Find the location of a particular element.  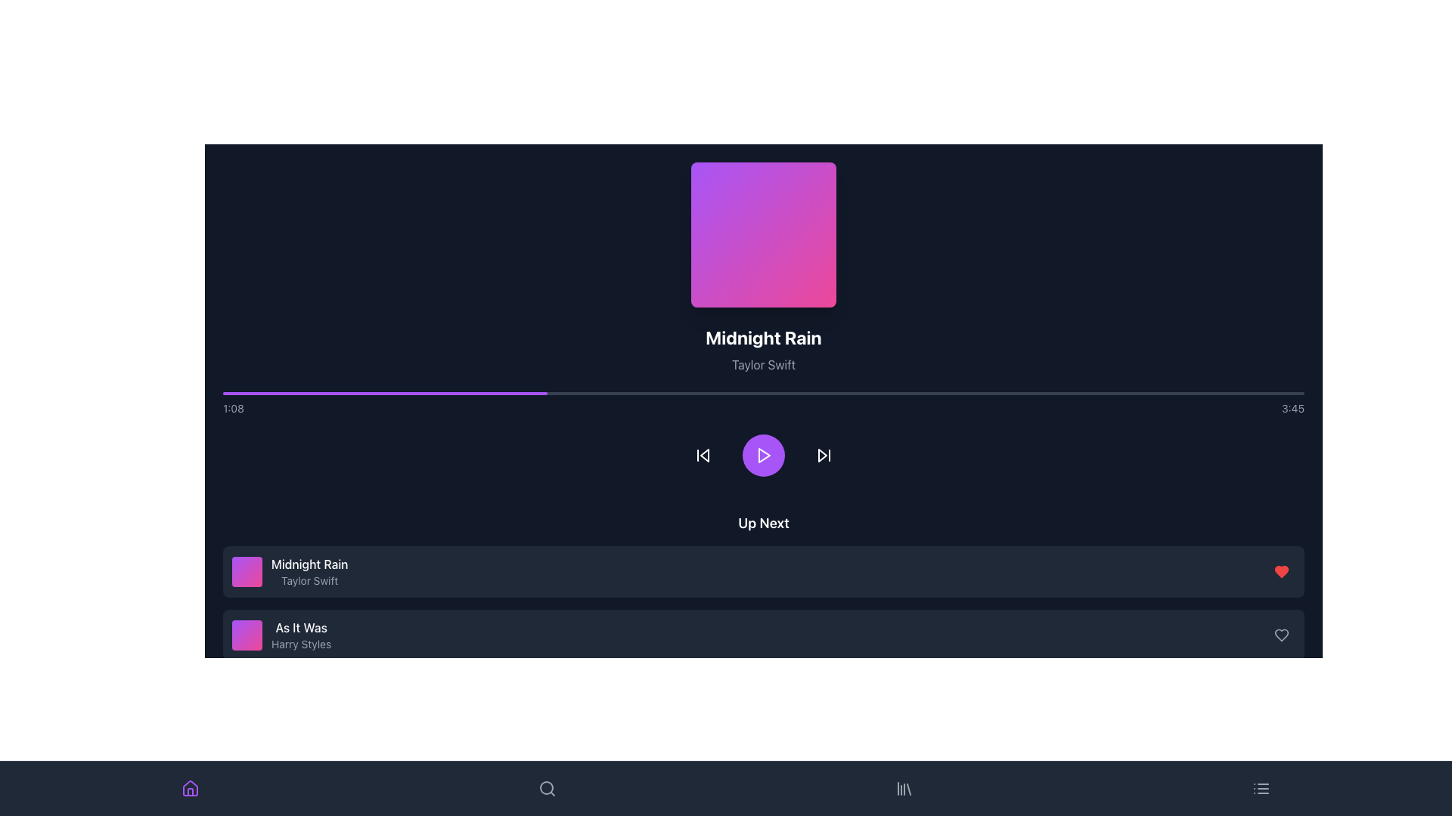

the button located on the far right side of the bottom navigation bar, which is the fourth interactive element from the left is located at coordinates (1261, 788).